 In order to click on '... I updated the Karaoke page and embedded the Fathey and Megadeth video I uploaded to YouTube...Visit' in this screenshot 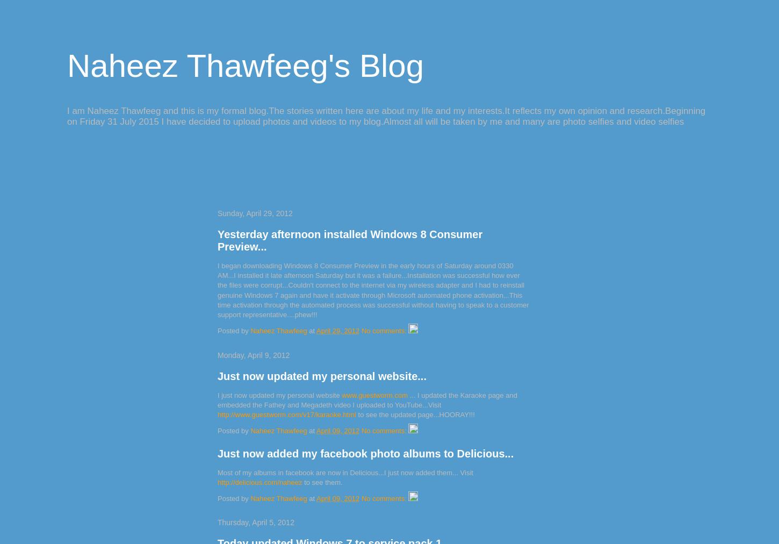, I will do `click(366, 399)`.